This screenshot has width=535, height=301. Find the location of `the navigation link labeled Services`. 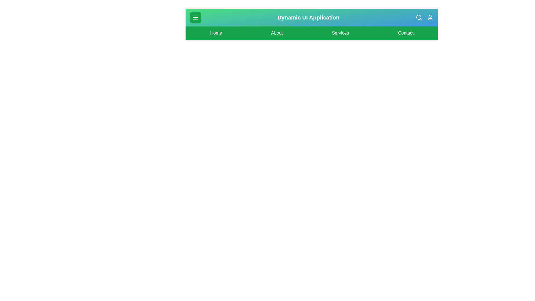

the navigation link labeled Services is located at coordinates (340, 33).